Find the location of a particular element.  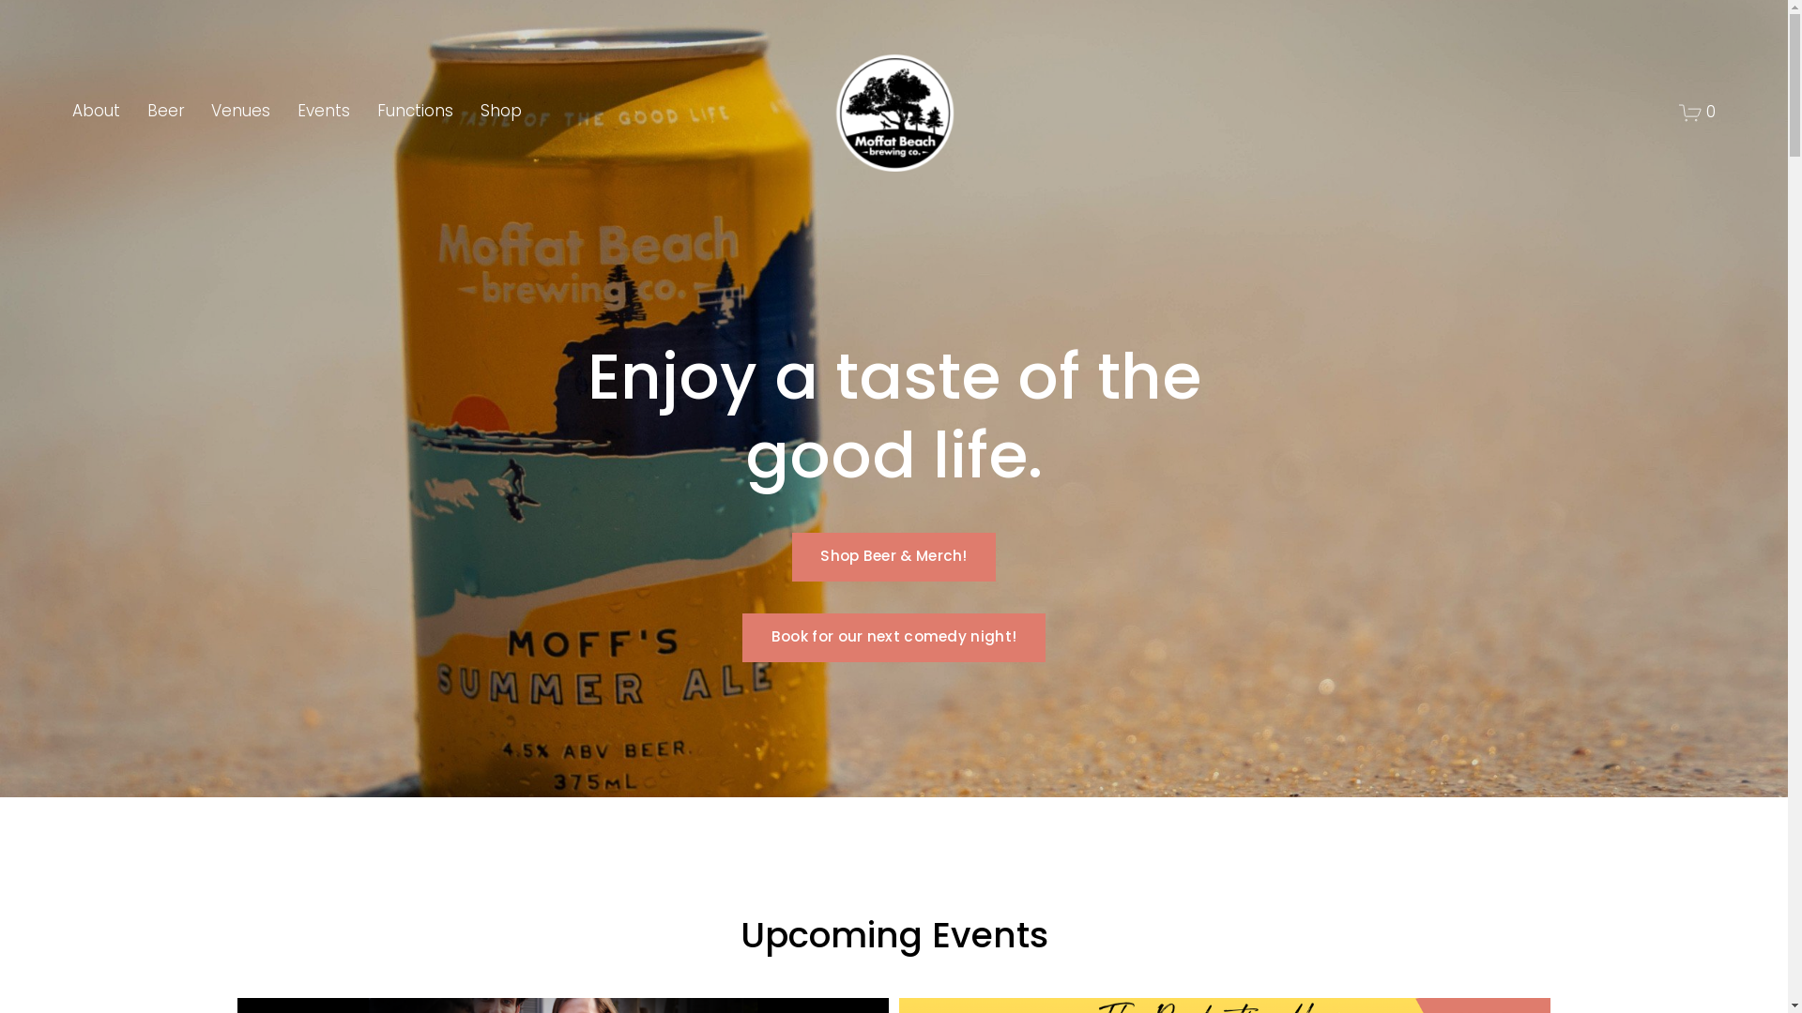

'Shop' is located at coordinates (481, 112).